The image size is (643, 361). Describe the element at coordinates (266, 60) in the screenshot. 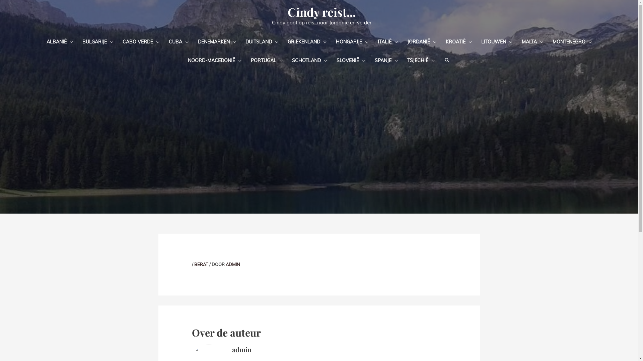

I see `'PORTUGAL'` at that location.